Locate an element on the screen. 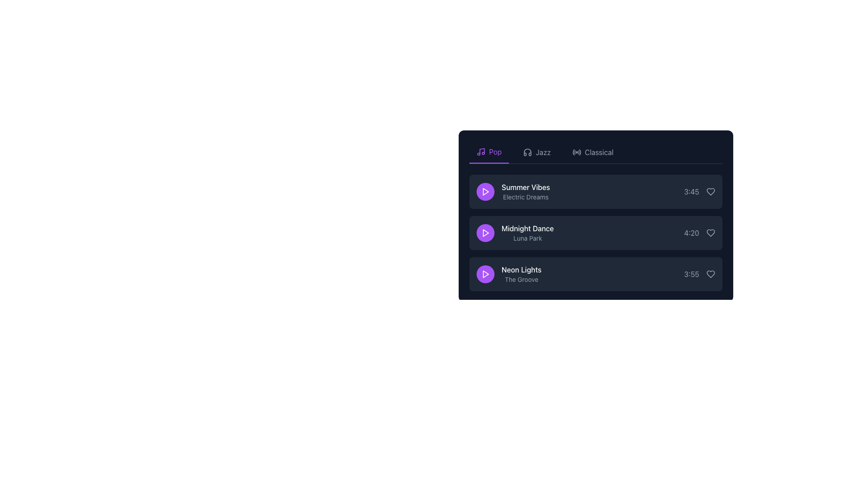  the navigation button or tab labeled 'Jazz' located in the middle of the horizontal navigation bar is located at coordinates (537, 151).